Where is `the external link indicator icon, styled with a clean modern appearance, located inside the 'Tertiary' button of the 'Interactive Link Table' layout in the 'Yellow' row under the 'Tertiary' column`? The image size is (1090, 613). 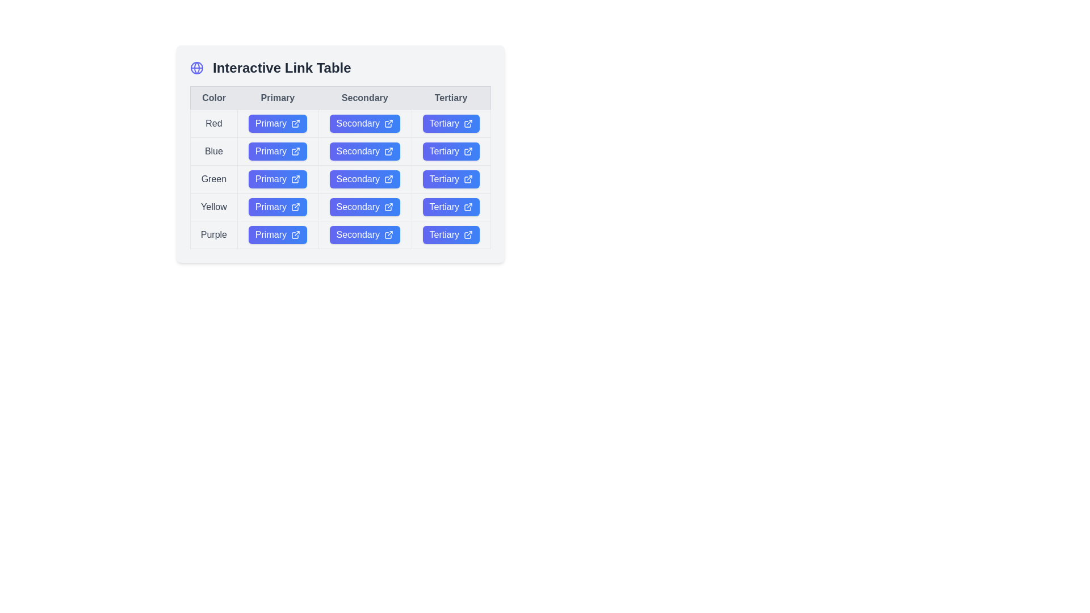
the external link indicator icon, styled with a clean modern appearance, located inside the 'Tertiary' button of the 'Interactive Link Table' layout in the 'Yellow' row under the 'Tertiary' column is located at coordinates (468, 207).